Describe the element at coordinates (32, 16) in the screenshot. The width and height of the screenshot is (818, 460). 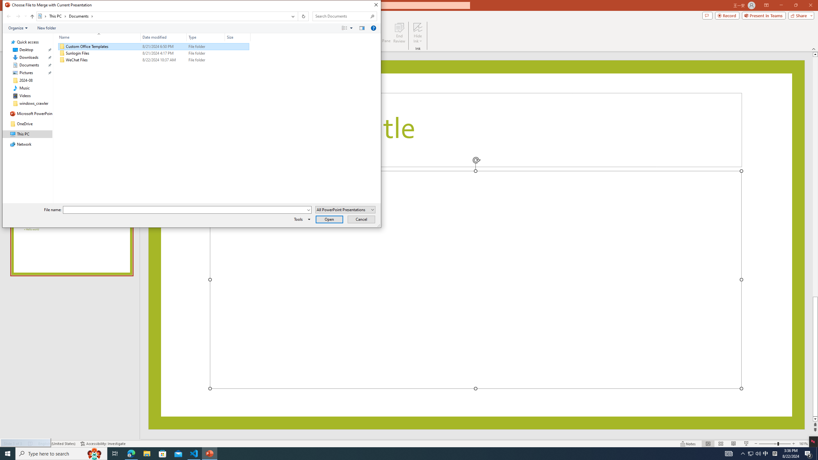
I see `'Up to "This PC" (Alt + Up Arrow)'` at that location.